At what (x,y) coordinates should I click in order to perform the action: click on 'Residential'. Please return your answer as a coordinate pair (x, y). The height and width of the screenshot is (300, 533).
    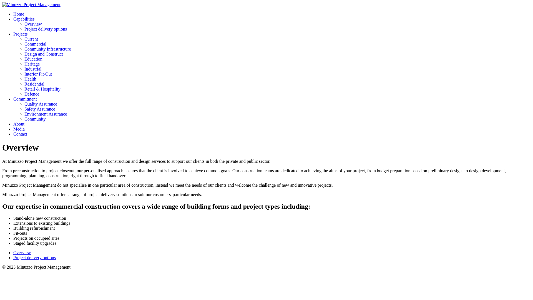
    Looking at the image, I should click on (34, 84).